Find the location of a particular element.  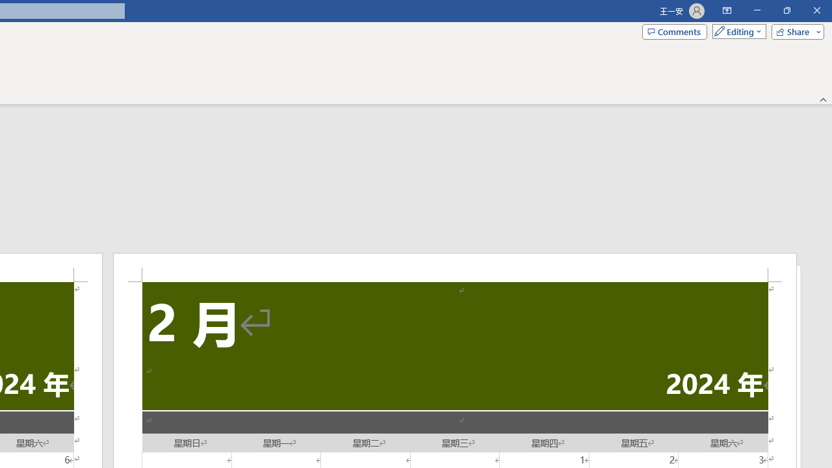

'Restore Down' is located at coordinates (786, 10).